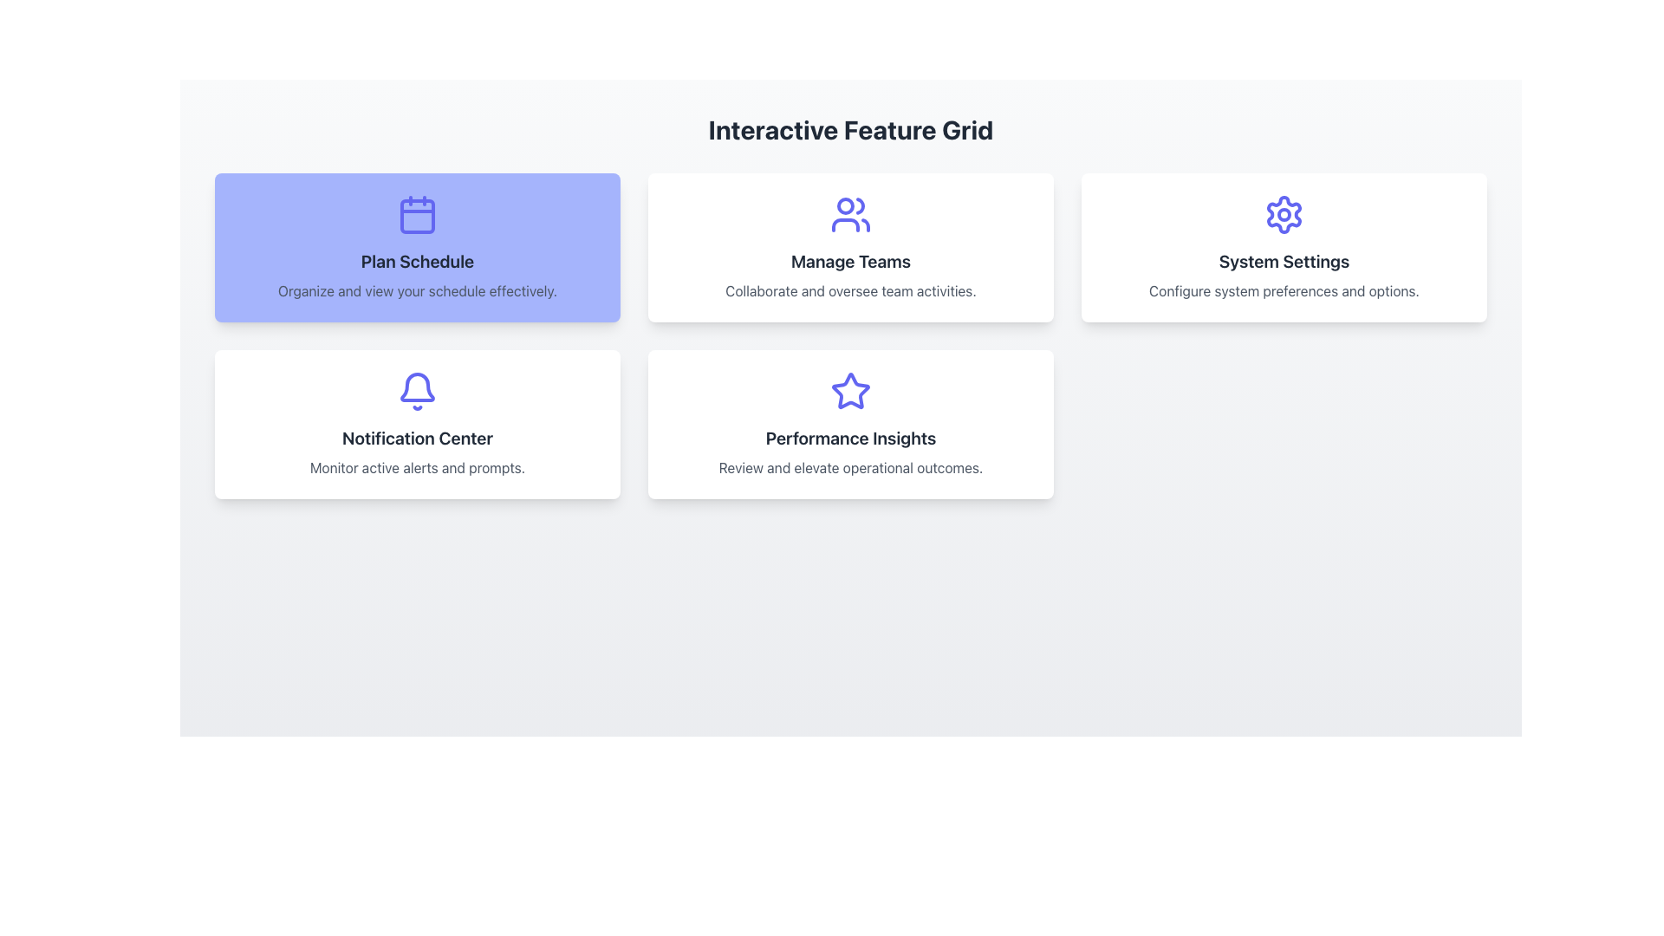 This screenshot has width=1664, height=936. What do you see at coordinates (1284, 247) in the screenshot?
I see `the third card in the top row that serves as an access point to configure system preferences and options` at bounding box center [1284, 247].